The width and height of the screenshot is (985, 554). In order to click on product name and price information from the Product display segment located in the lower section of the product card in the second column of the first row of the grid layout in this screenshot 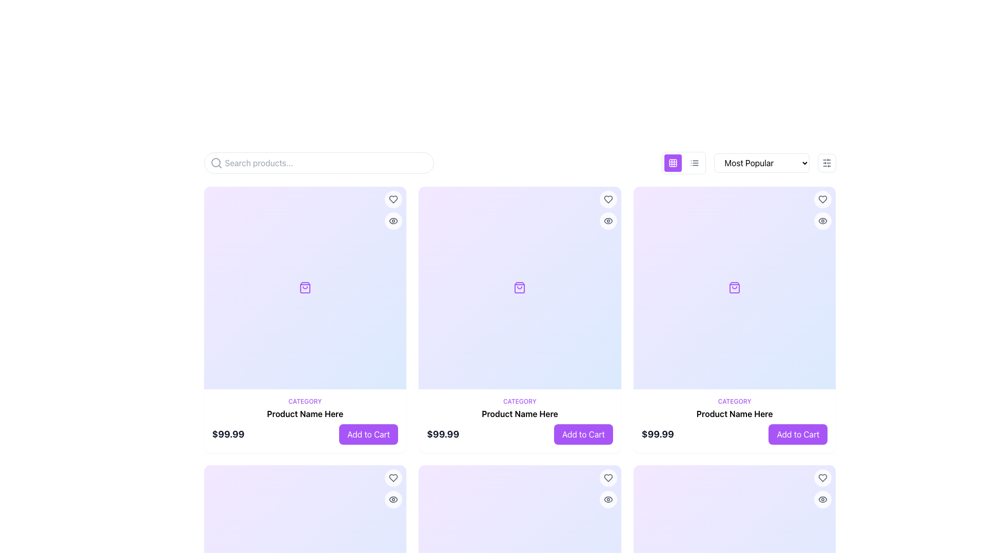, I will do `click(520, 421)`.